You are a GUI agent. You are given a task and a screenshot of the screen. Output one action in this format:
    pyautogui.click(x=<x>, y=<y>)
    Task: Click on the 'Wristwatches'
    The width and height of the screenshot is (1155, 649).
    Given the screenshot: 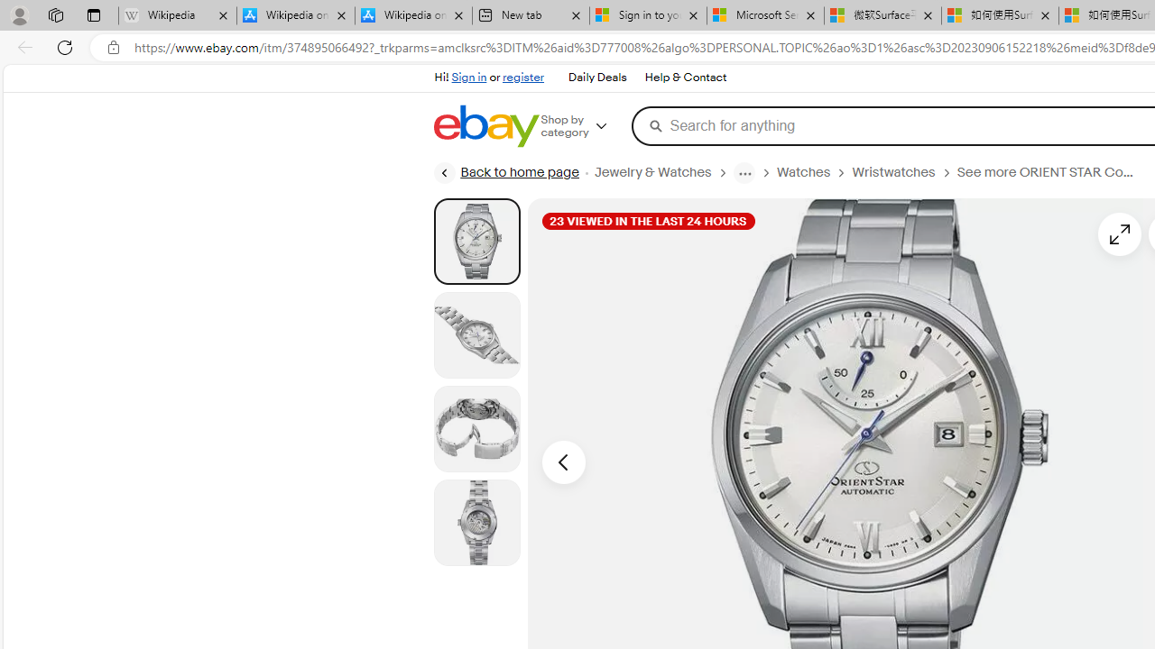 What is the action you would take?
    pyautogui.click(x=904, y=172)
    